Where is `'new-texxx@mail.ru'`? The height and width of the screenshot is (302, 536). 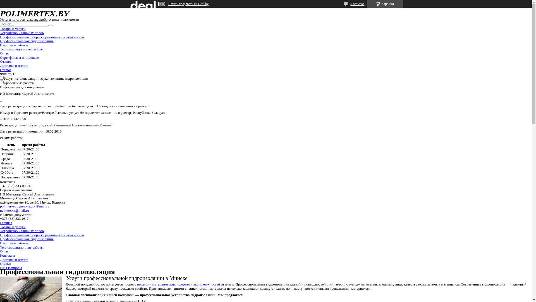 'new-texxx@mail.ru' is located at coordinates (15, 210).